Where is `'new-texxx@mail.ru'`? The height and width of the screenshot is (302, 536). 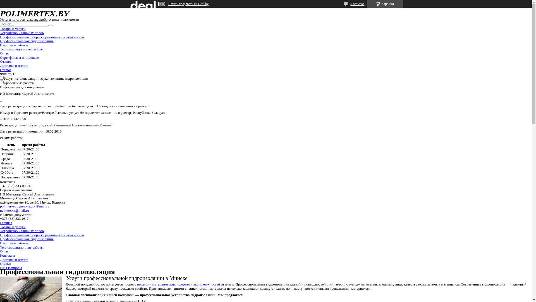 'new-texxx@mail.ru' is located at coordinates (15, 210).